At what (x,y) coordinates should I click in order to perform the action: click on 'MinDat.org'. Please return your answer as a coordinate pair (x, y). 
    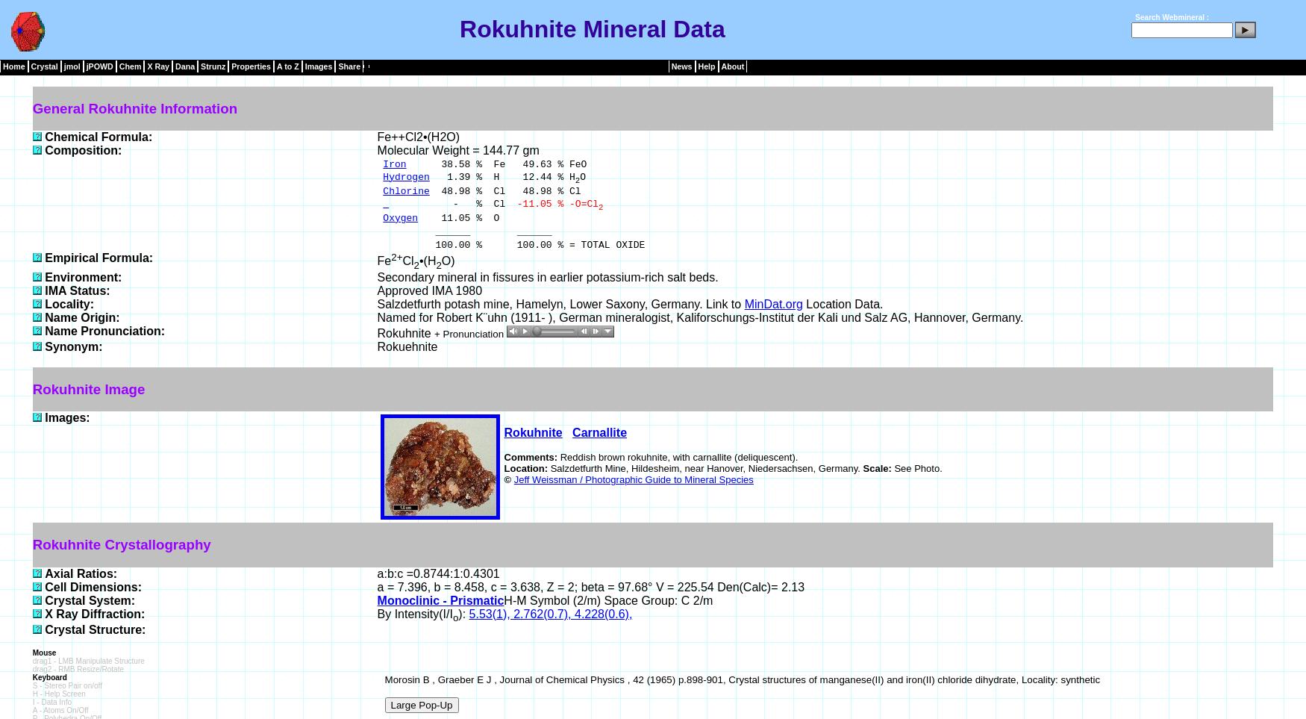
    Looking at the image, I should click on (743, 303).